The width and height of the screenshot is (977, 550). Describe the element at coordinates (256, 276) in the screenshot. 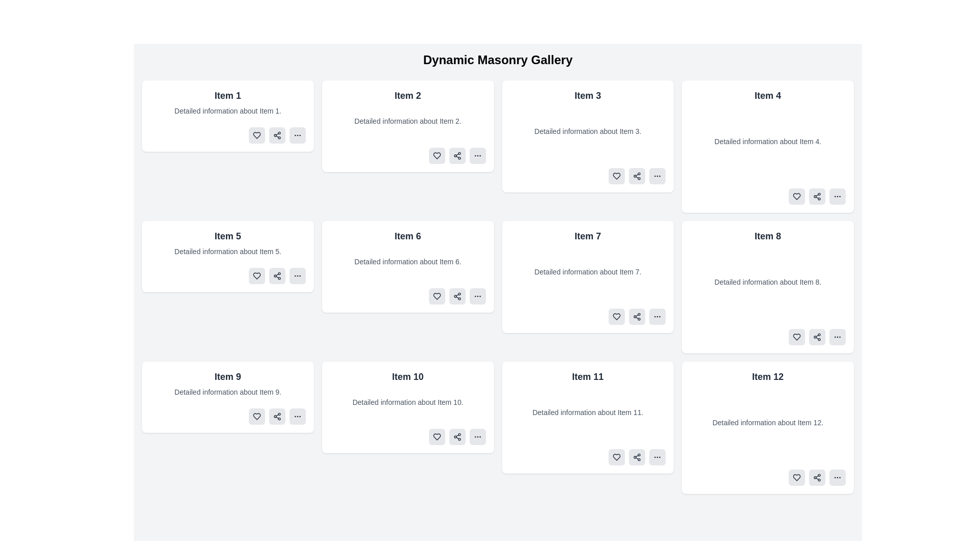

I see `the heart-shaped button with a hollow design that has a light gray background and is located under 'Item 5' in the grid layout` at that location.